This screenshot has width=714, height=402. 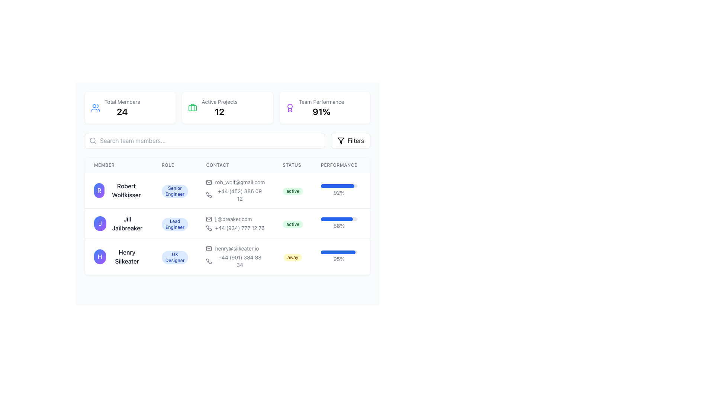 What do you see at coordinates (92, 140) in the screenshot?
I see `the center circle of the magnifying glass icon, which represents search functionality, located inside the search input field at the top-left corner of the interface` at bounding box center [92, 140].